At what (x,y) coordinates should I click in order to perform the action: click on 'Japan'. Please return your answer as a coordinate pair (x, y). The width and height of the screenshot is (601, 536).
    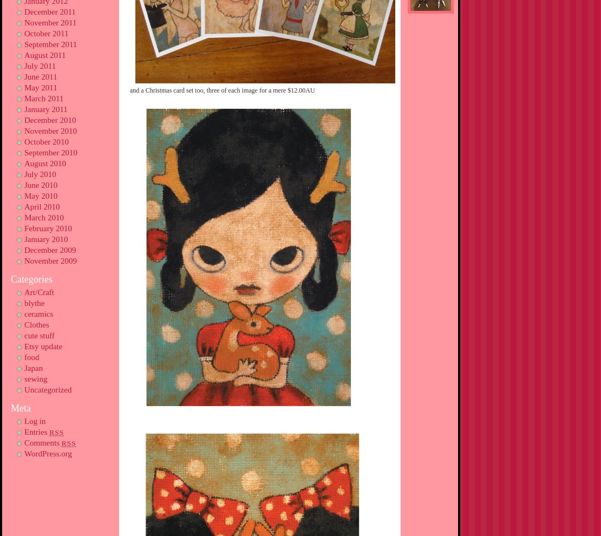
    Looking at the image, I should click on (33, 368).